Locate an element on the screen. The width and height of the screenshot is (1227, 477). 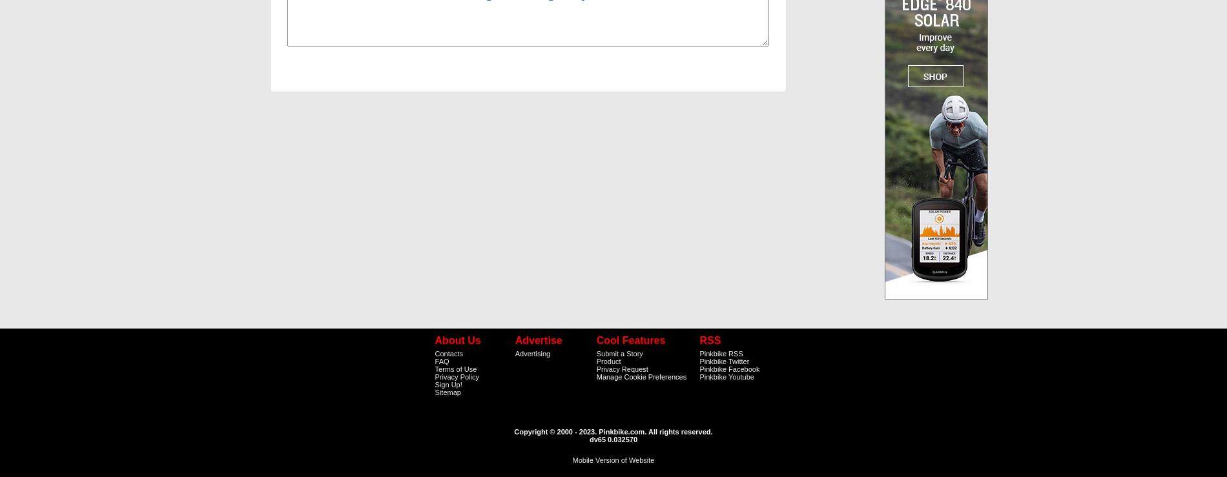
'Advertising' is located at coordinates (514, 352).